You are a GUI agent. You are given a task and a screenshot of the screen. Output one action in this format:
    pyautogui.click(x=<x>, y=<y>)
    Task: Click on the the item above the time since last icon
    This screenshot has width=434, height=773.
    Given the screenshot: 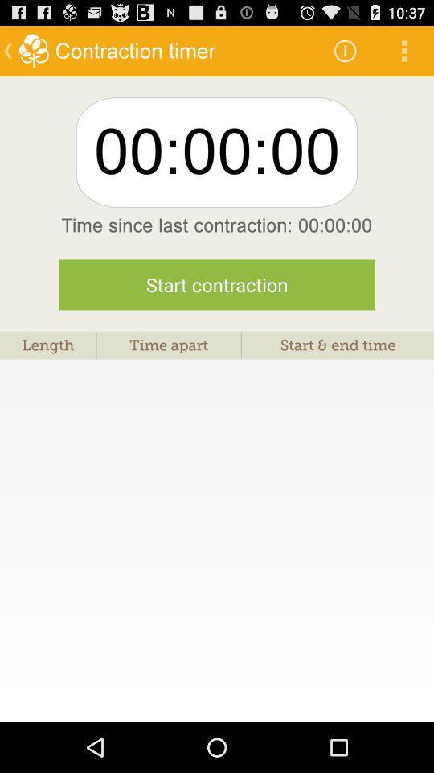 What is the action you would take?
    pyautogui.click(x=403, y=50)
    